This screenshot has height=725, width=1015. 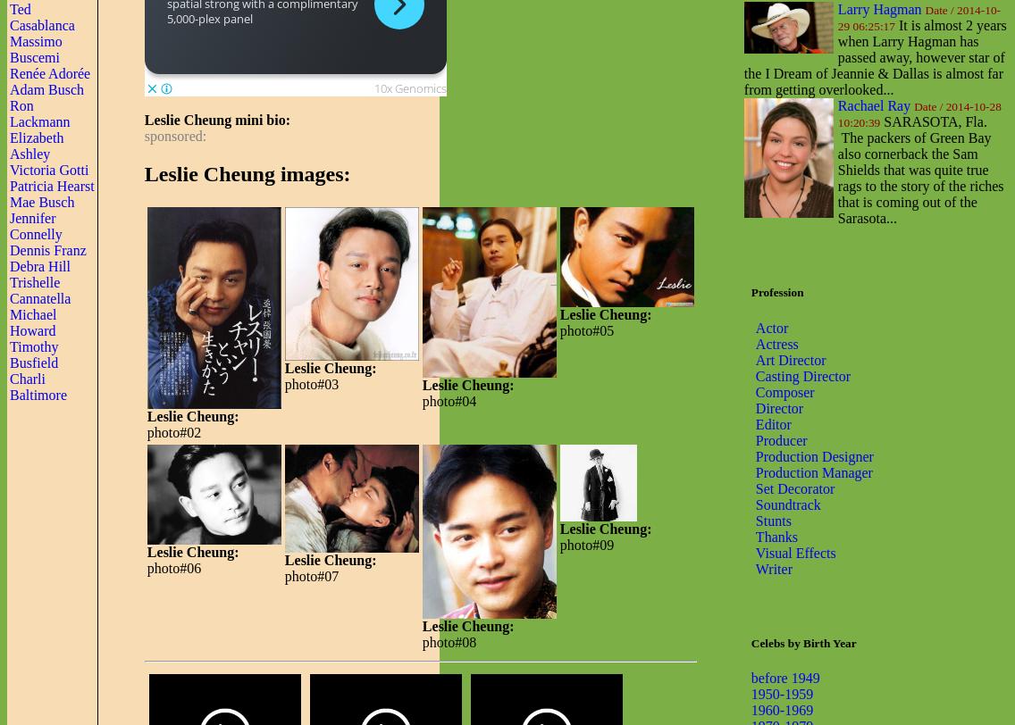 What do you see at coordinates (784, 390) in the screenshot?
I see `'Composer'` at bounding box center [784, 390].